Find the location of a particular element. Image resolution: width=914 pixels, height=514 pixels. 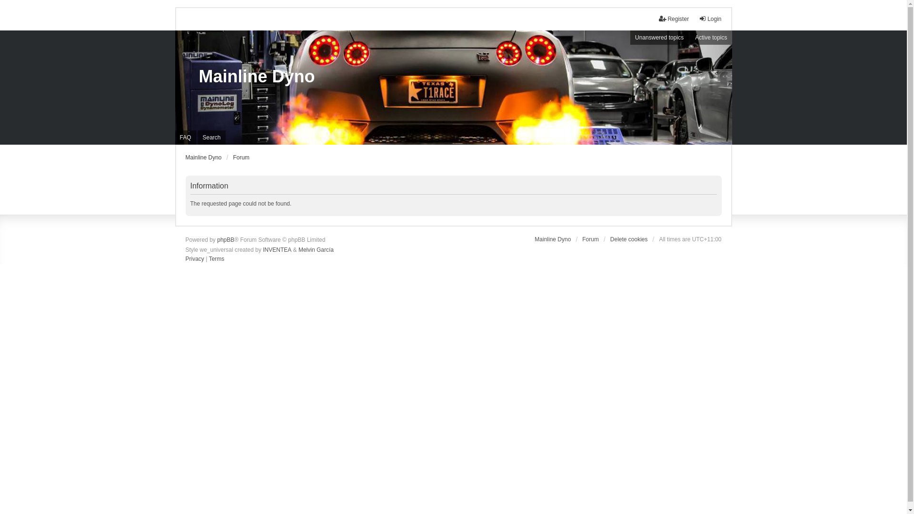

'Terms' is located at coordinates (208, 259).